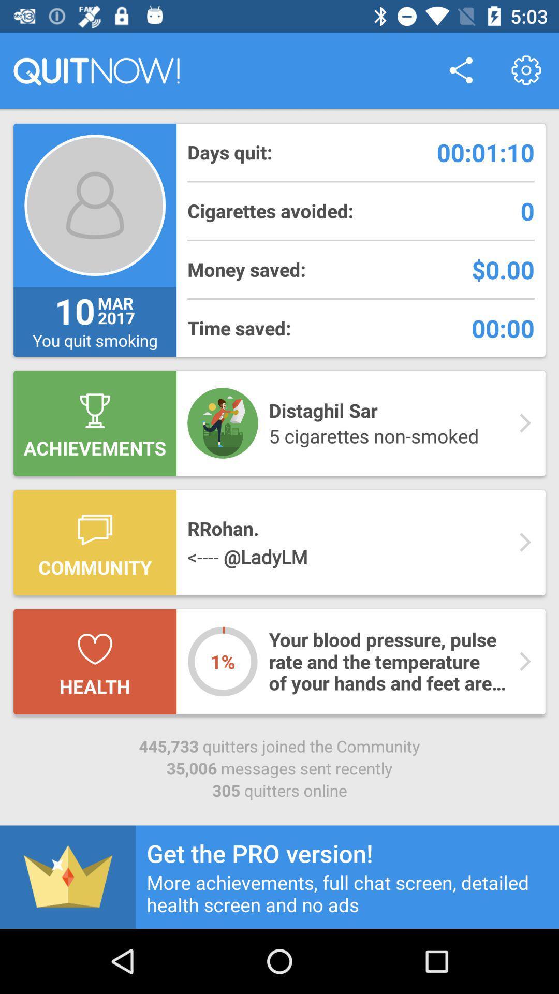 The width and height of the screenshot is (559, 994). I want to click on the settings icon, so click(526, 70).